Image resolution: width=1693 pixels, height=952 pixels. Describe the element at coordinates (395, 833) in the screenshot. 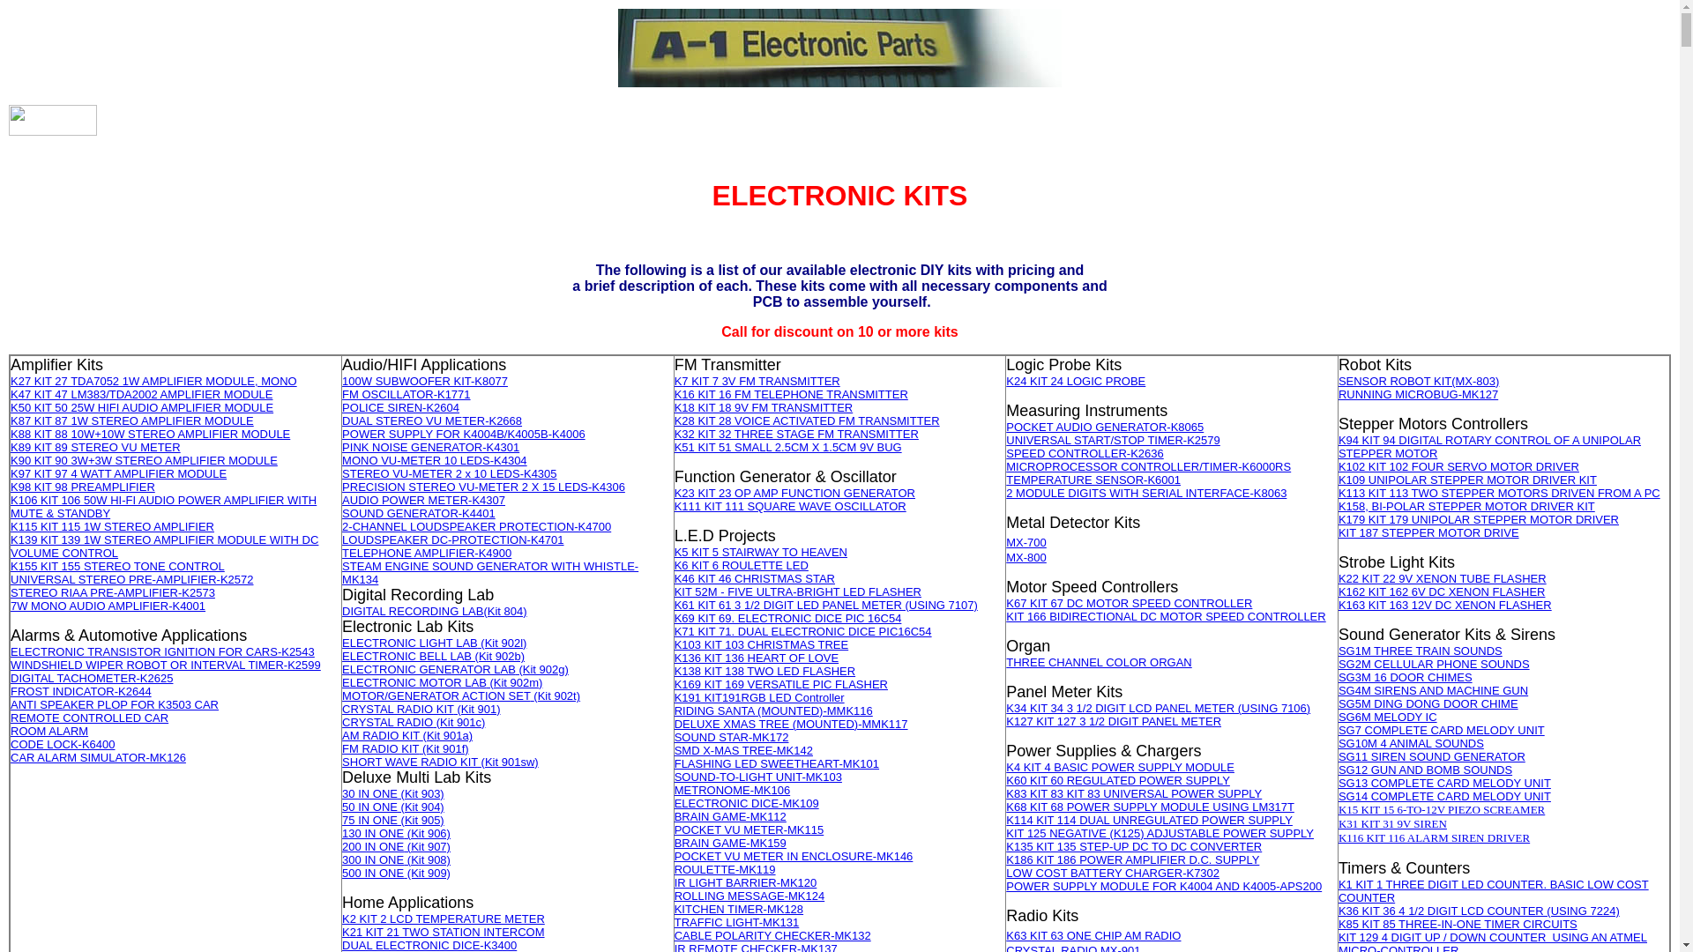

I see `'130 IN ONE (Kit 906)'` at that location.